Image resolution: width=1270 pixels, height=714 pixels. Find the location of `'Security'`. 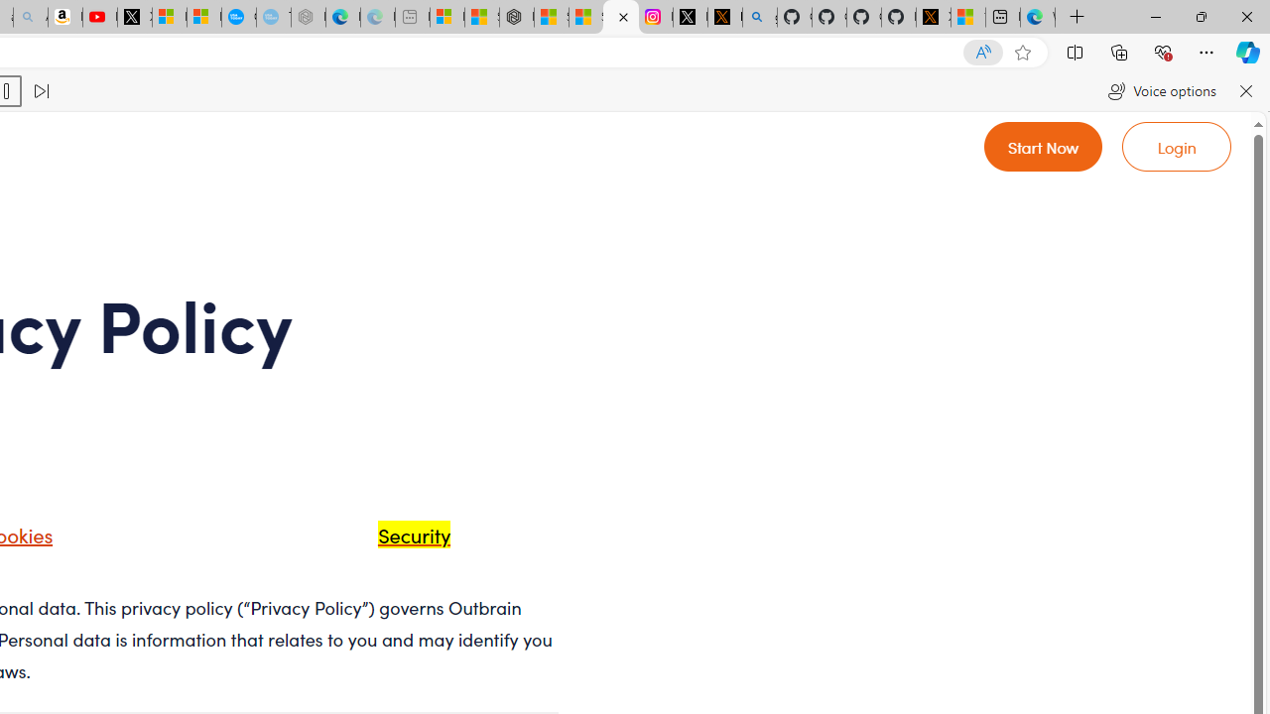

'Security' is located at coordinates (408, 533).